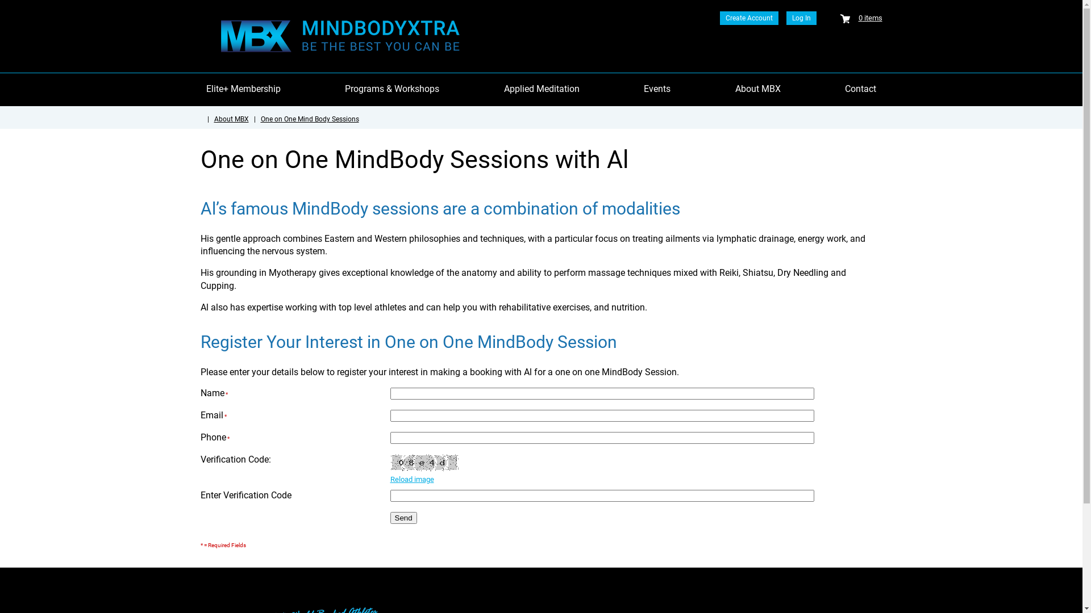  I want to click on 'Reload image', so click(411, 478).